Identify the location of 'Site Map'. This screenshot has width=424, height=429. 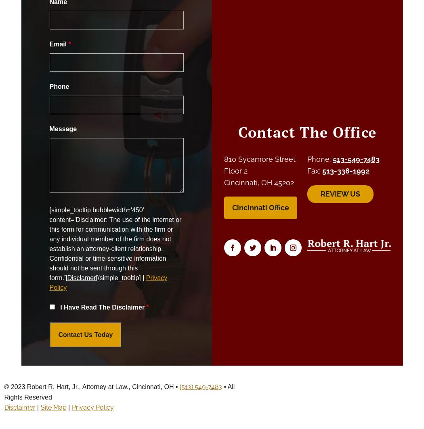
(52, 407).